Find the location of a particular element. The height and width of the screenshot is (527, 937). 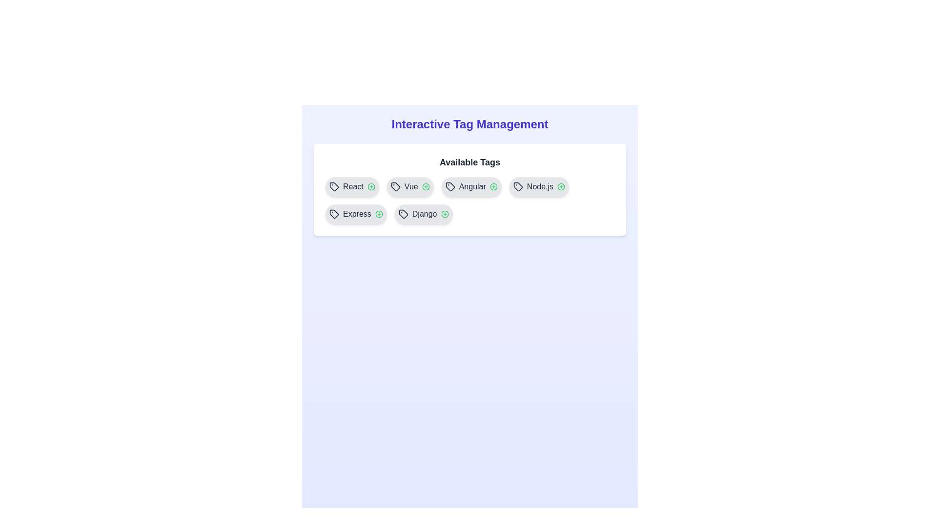

the fourth button is located at coordinates (538, 186).